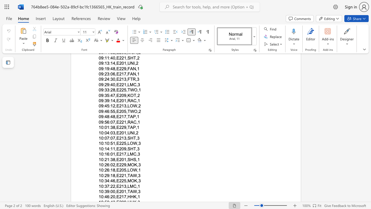 The width and height of the screenshot is (371, 209). What do you see at coordinates (110, 127) in the screenshot?
I see `the subset text "38,E229,T" within the text "10:01:38,E229,TAP,1"` at bounding box center [110, 127].